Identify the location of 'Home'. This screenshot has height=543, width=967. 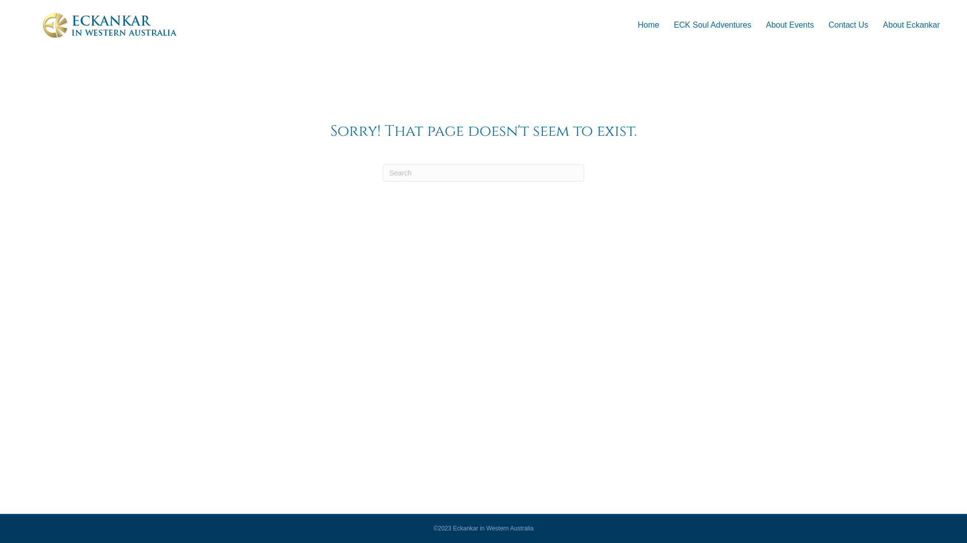
(648, 24).